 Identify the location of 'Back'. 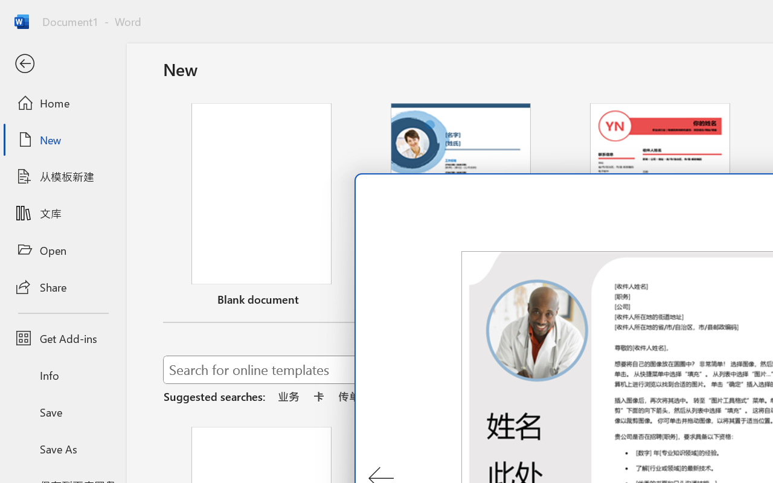
(62, 63).